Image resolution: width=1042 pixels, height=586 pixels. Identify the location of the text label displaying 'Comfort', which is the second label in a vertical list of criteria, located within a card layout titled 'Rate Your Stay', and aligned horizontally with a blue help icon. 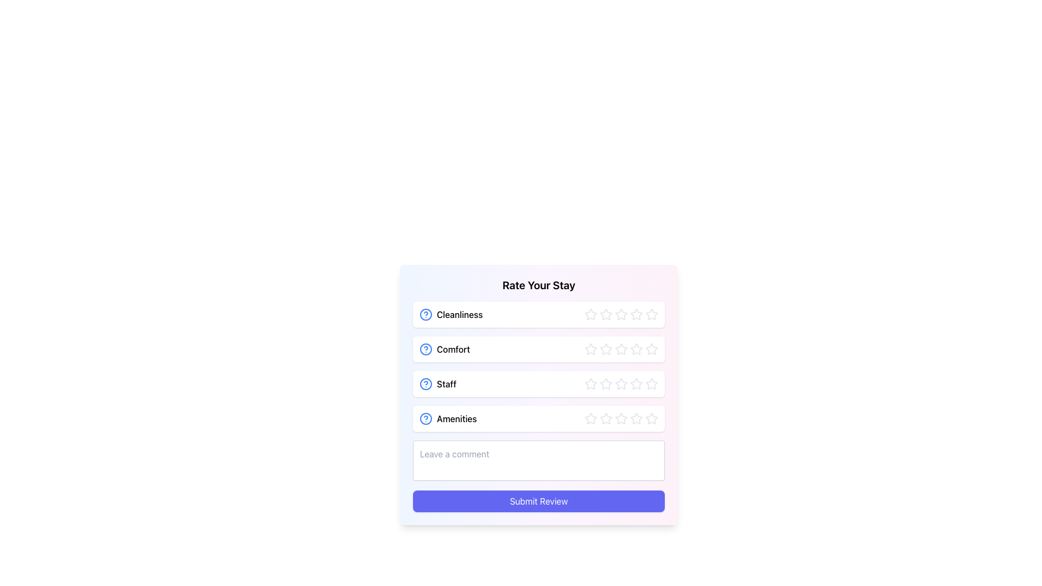
(453, 349).